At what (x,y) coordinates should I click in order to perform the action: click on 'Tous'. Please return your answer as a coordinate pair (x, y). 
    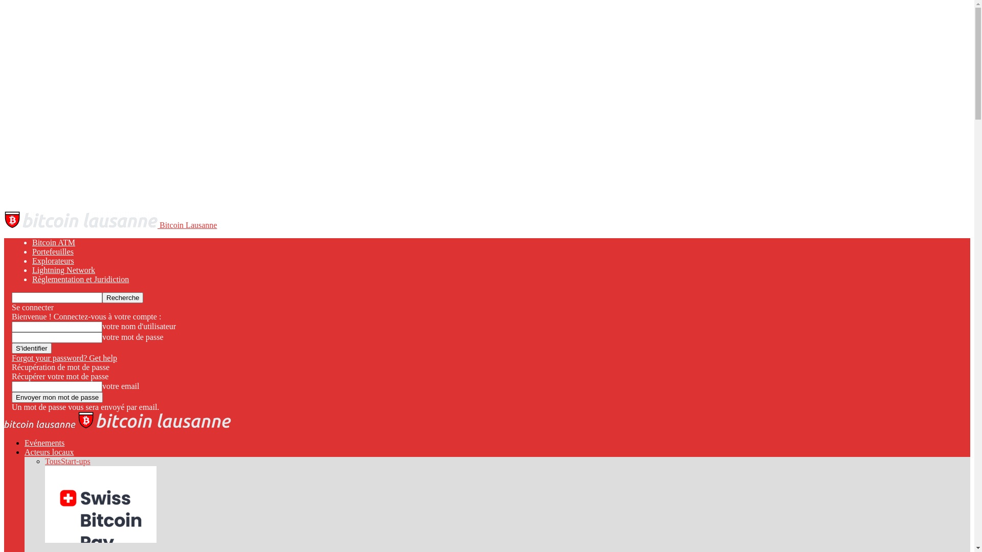
    Looking at the image, I should click on (52, 461).